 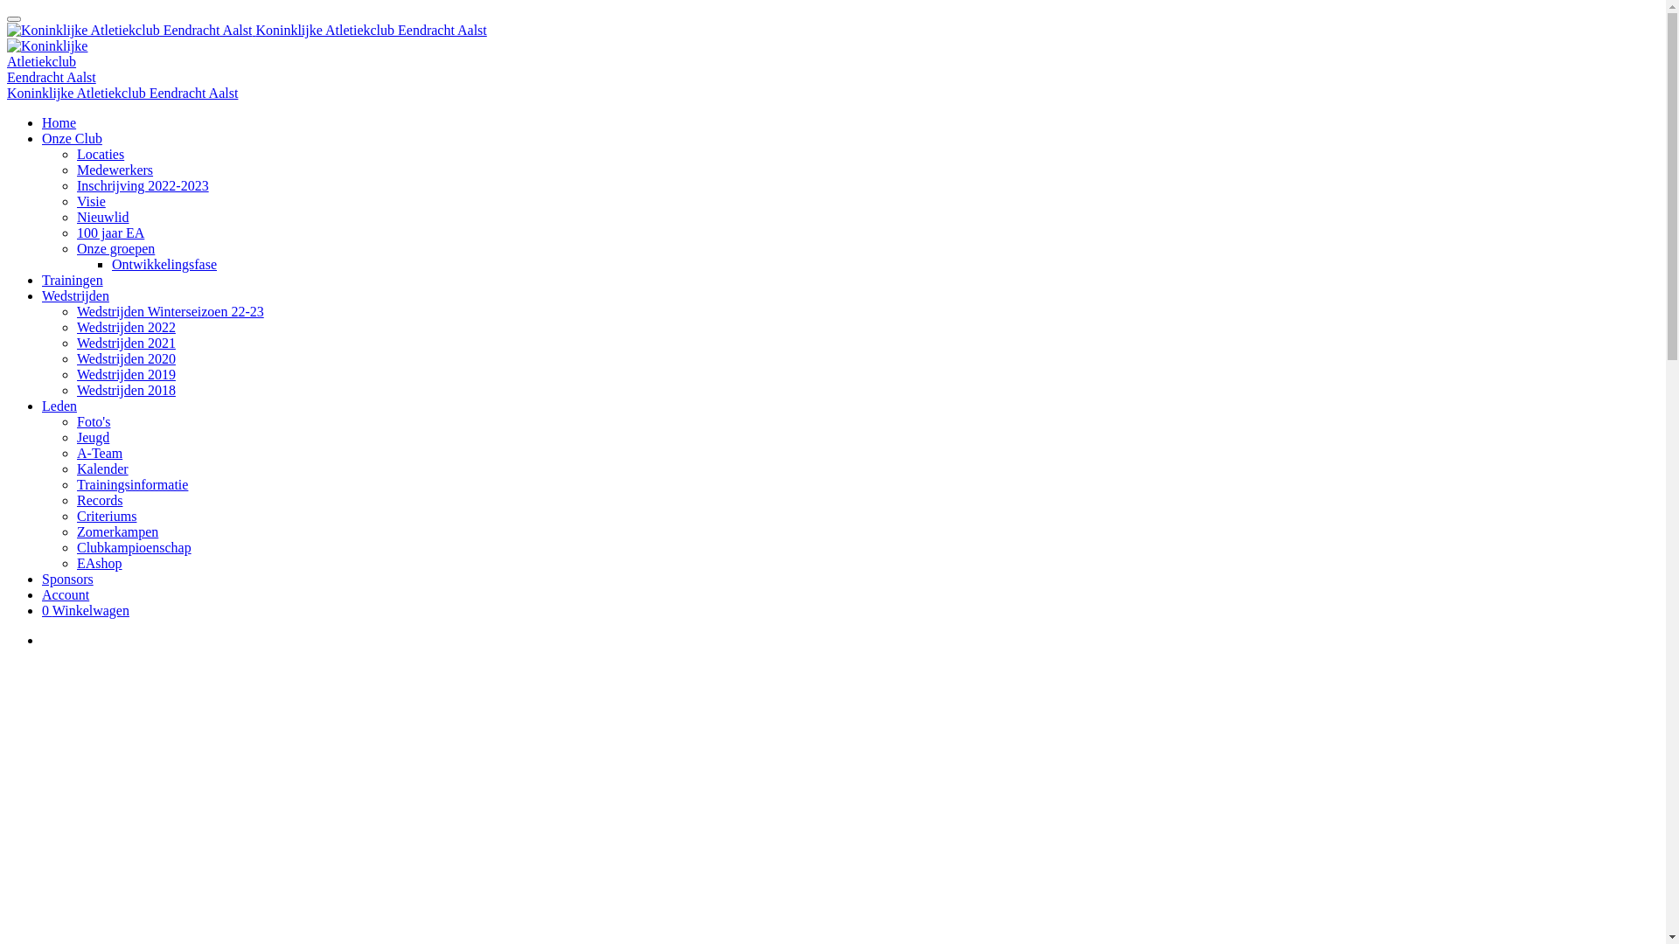 I want to click on 'Clubkampioenschap', so click(x=133, y=546).